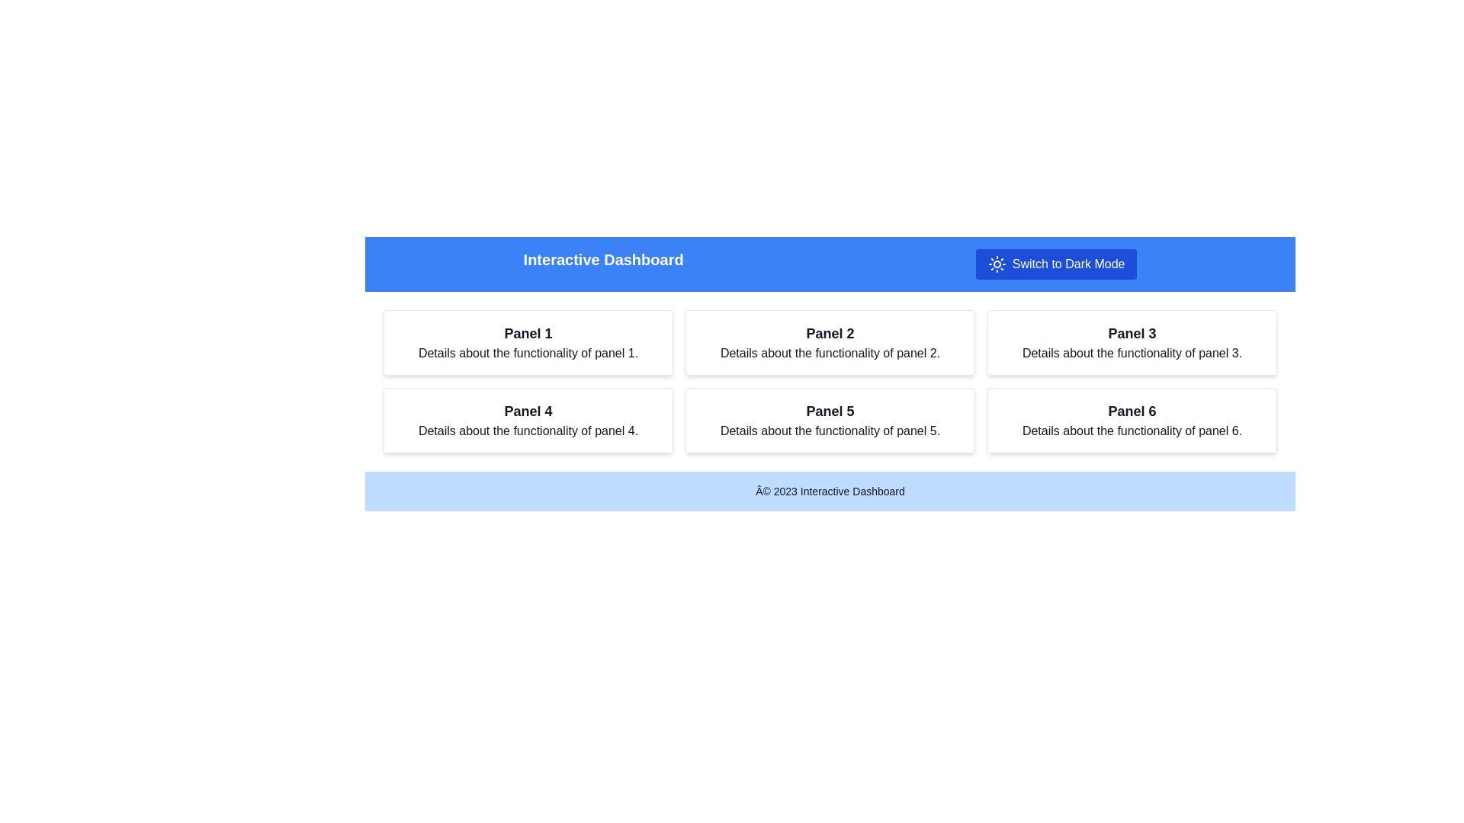  Describe the element at coordinates (528, 343) in the screenshot. I see `the Informational Panel titled 'Panel 1' which contains a description about its functionality, located in the first column of the top row in a three-column grid layout` at that location.